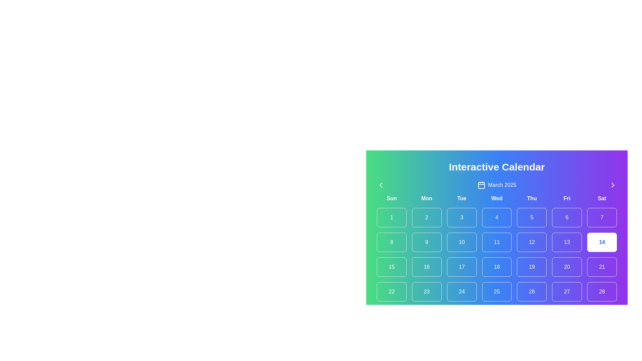 This screenshot has height=361, width=642. What do you see at coordinates (531, 266) in the screenshot?
I see `the button representing the 19th day of the month in the Interactive Calendar` at bounding box center [531, 266].